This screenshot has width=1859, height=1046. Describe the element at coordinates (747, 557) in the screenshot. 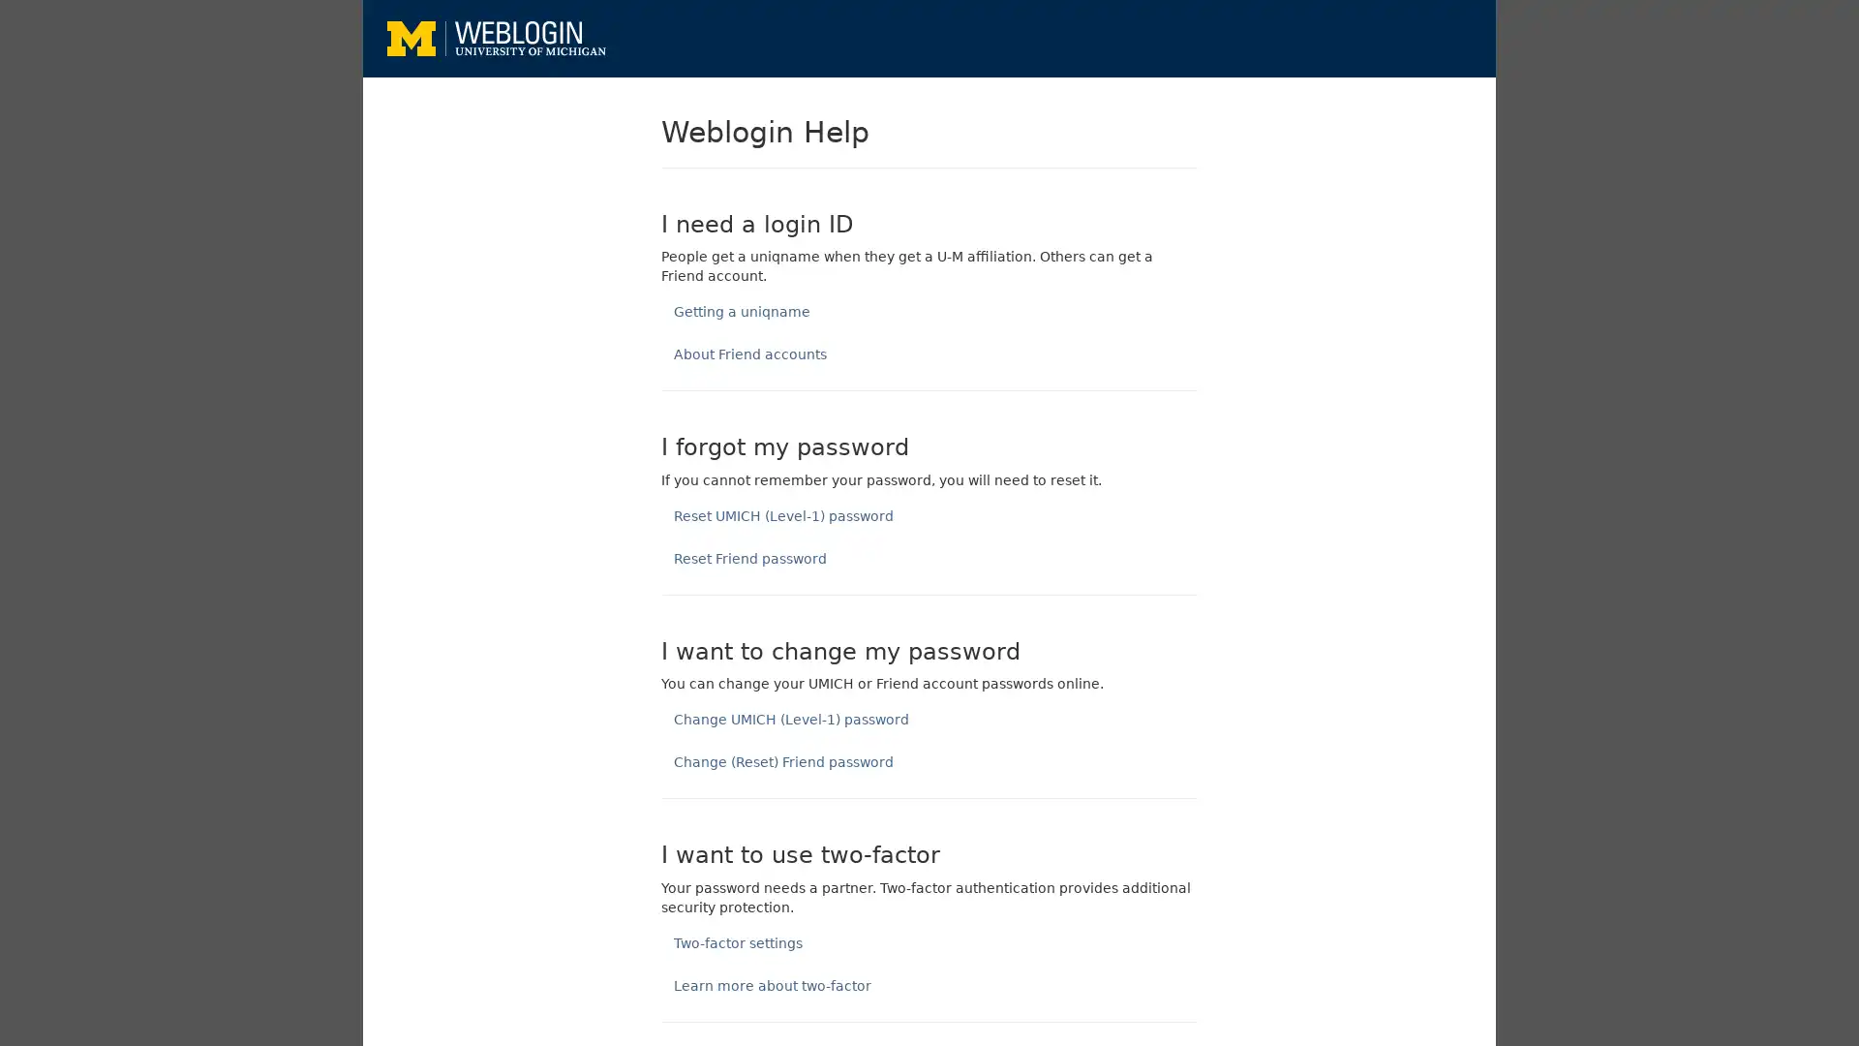

I see `Reset Friend password` at that location.